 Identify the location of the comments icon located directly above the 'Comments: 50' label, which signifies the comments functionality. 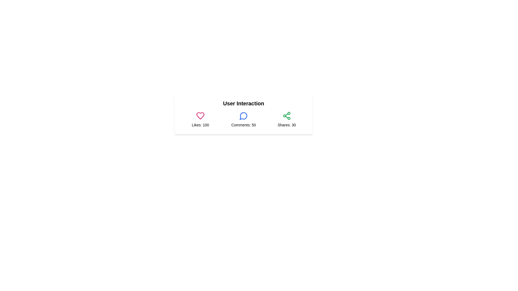
(243, 115).